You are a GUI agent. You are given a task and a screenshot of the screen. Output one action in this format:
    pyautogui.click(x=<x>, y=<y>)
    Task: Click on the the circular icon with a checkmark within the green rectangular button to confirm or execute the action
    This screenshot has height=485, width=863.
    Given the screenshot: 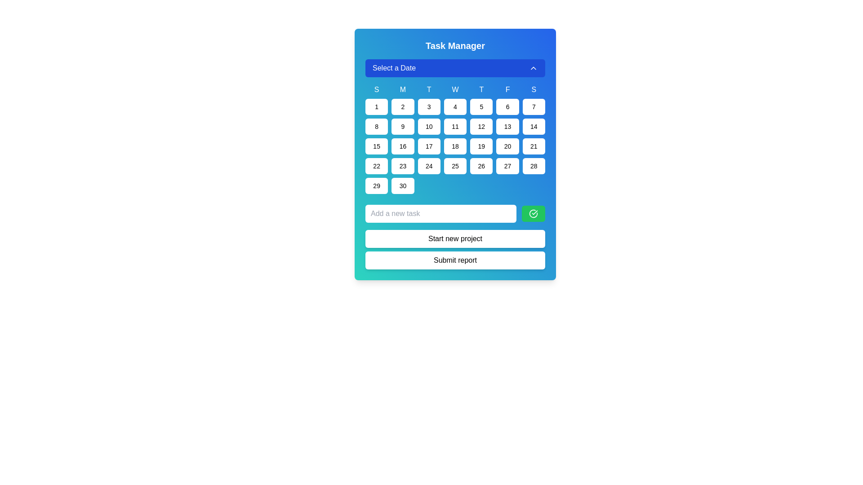 What is the action you would take?
    pyautogui.click(x=533, y=213)
    